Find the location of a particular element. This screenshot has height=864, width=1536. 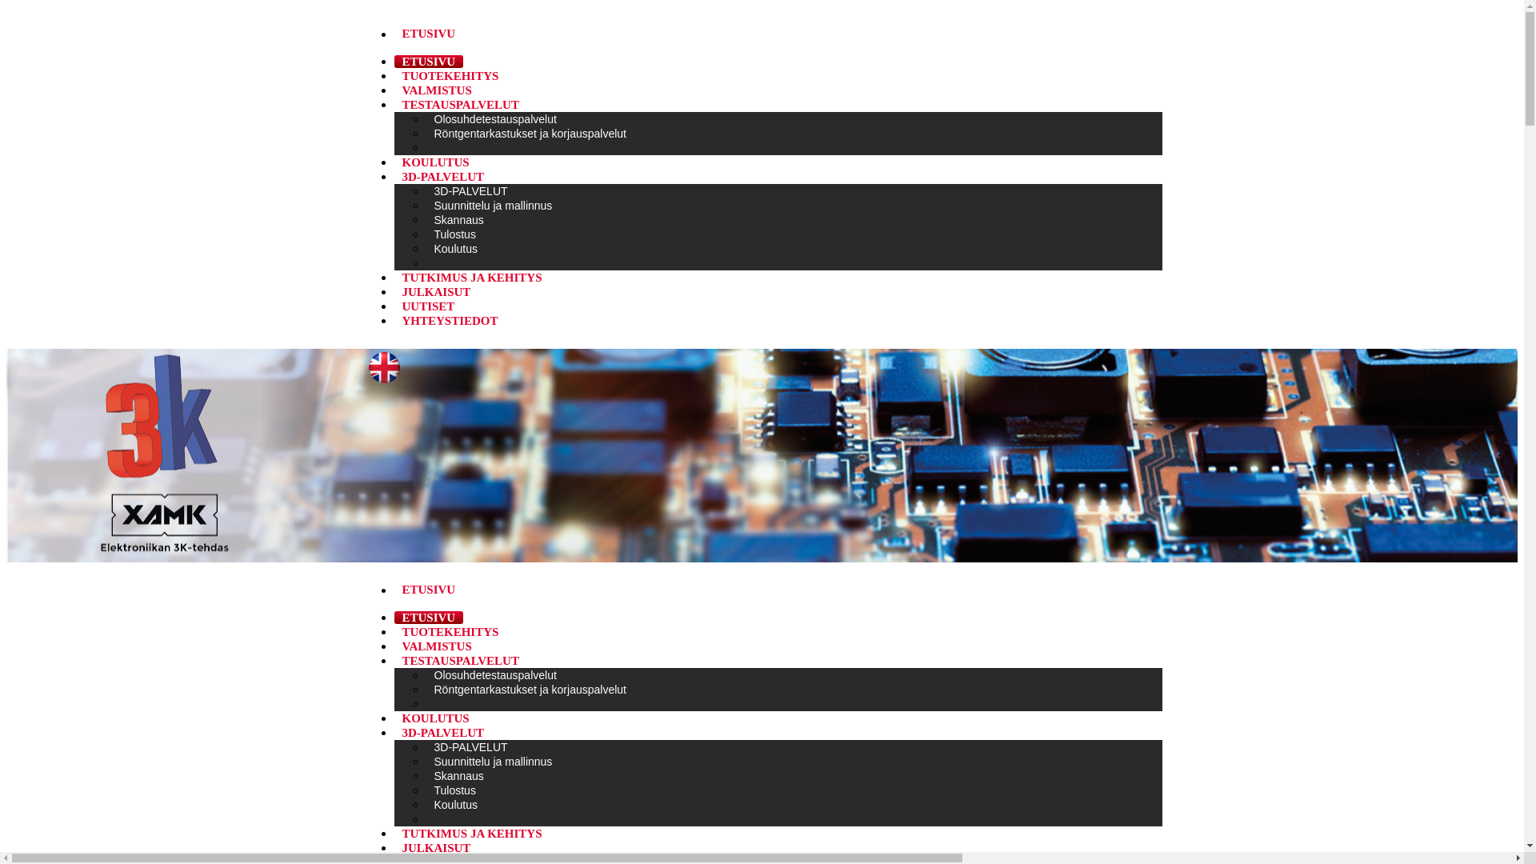

'3D-PALVELUT' is located at coordinates (442, 176).